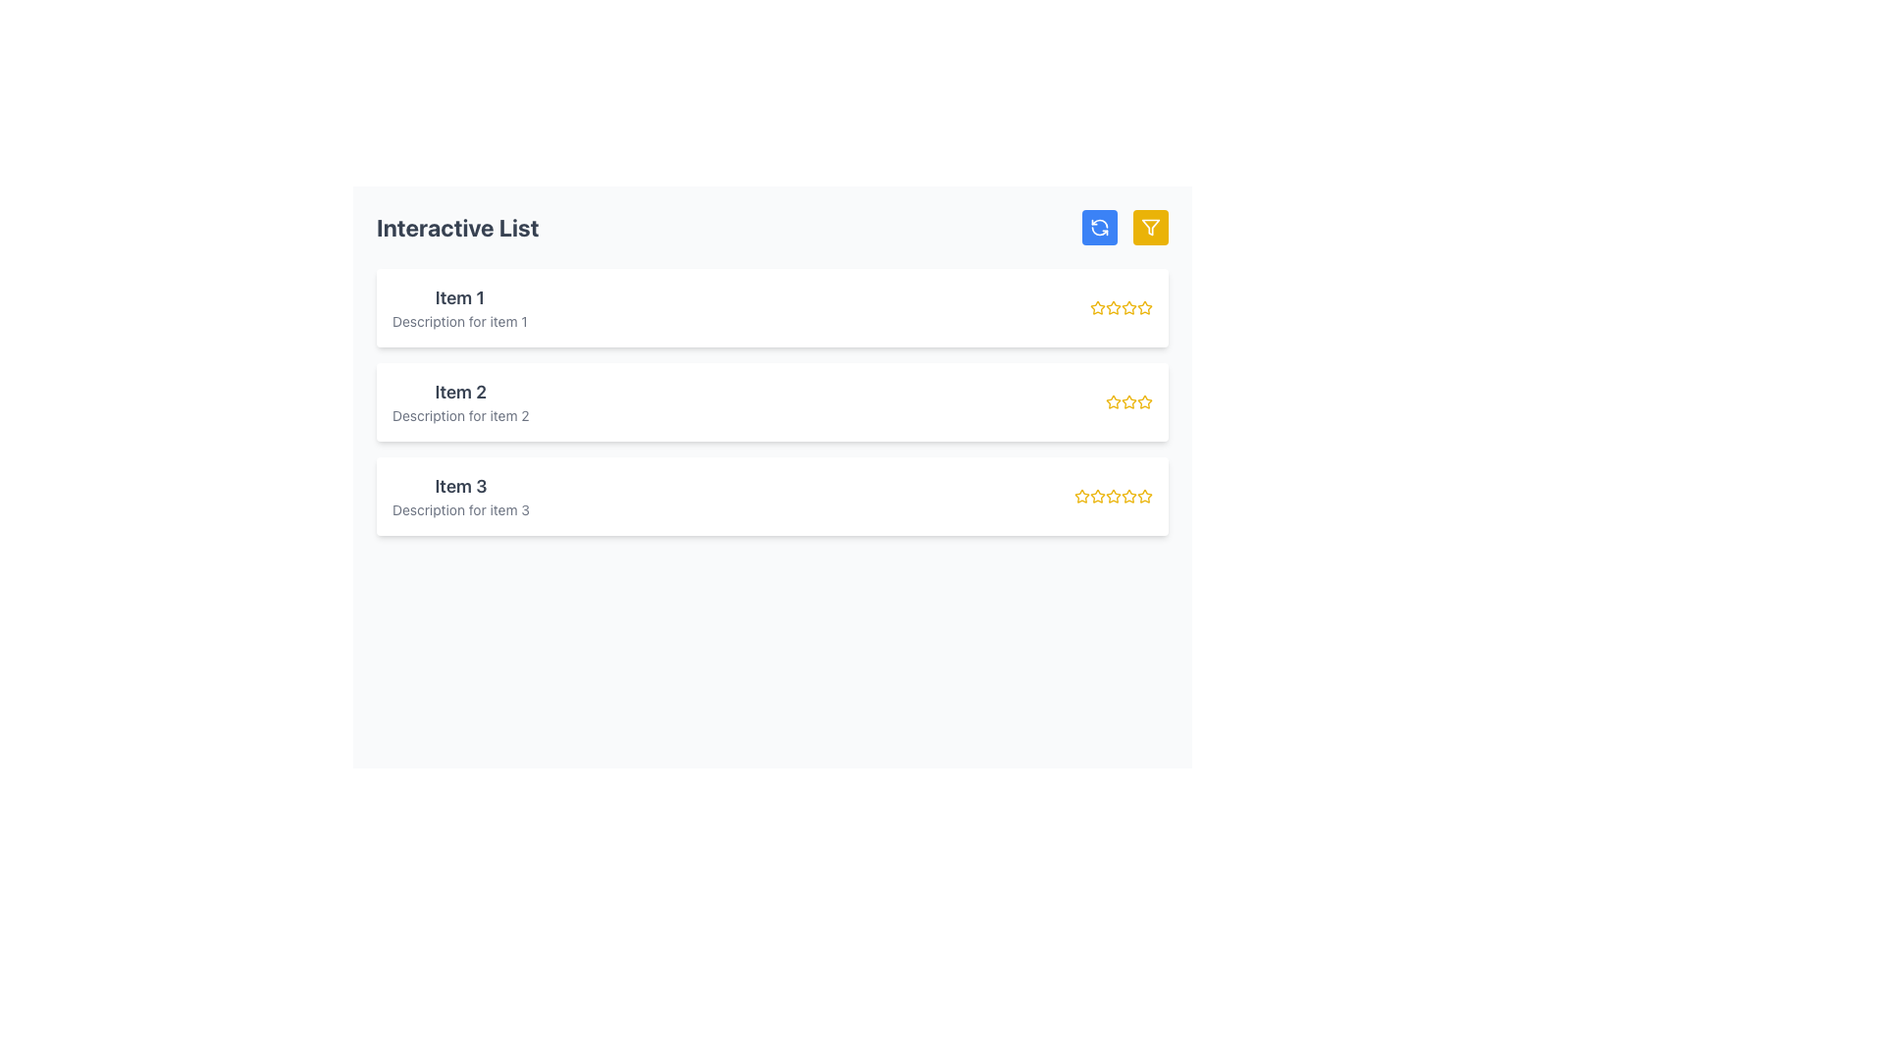 The width and height of the screenshot is (1884, 1060). I want to click on the text element styled with a bold, larger font that says 'Item 1', located at the top-left corner of the first card in the list, so click(458, 298).